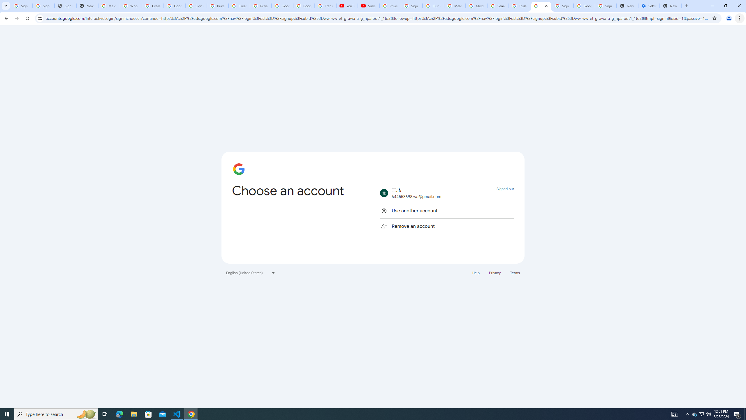 The image size is (746, 420). Describe the element at coordinates (726, 6) in the screenshot. I see `'Restore'` at that location.